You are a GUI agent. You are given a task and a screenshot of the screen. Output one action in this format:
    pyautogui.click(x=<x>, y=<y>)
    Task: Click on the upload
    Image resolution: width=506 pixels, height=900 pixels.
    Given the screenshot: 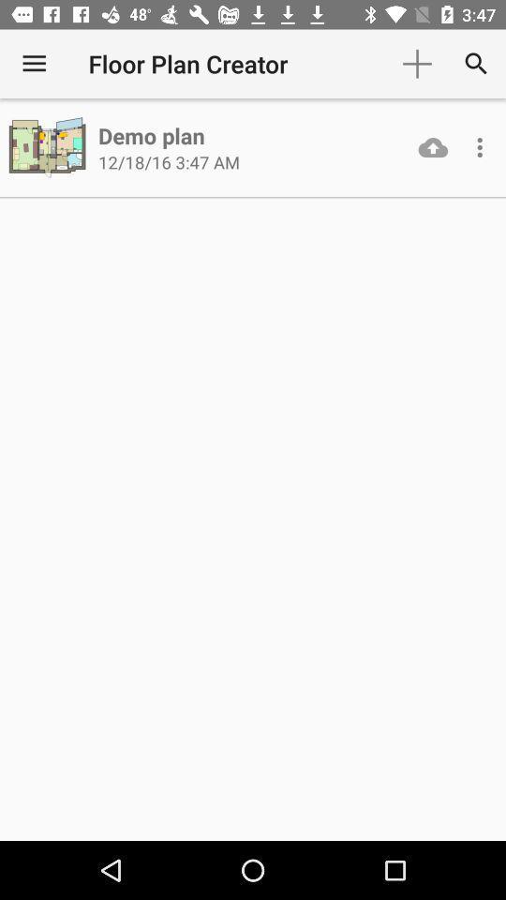 What is the action you would take?
    pyautogui.click(x=433, y=146)
    